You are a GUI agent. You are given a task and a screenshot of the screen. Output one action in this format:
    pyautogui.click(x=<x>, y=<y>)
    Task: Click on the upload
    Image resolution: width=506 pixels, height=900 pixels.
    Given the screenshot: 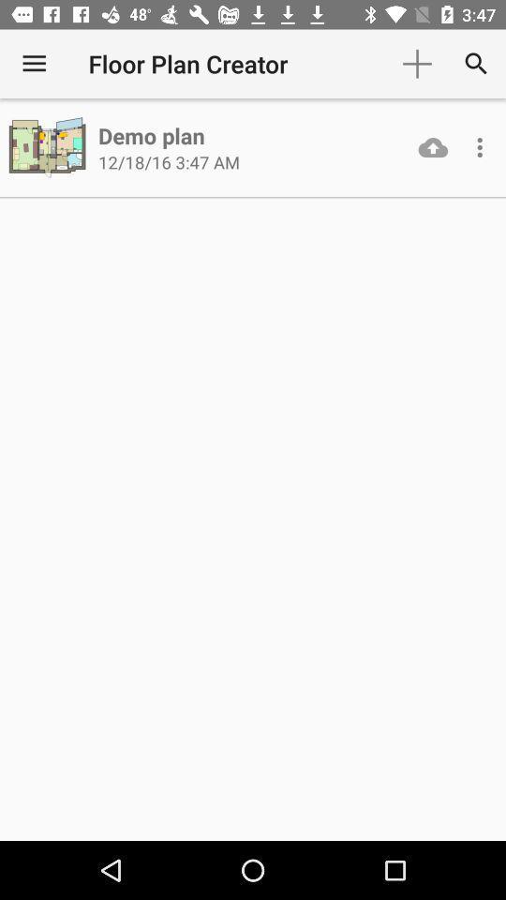 What is the action you would take?
    pyautogui.click(x=433, y=146)
    